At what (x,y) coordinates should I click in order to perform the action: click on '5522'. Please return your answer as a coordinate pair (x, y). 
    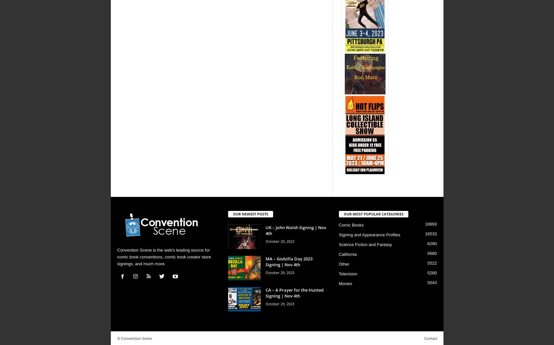
    Looking at the image, I should click on (432, 263).